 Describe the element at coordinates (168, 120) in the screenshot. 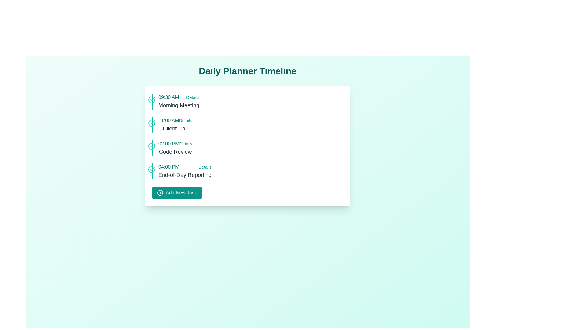

I see `the 'Details' link adjacent to the Text Label displaying '11:00 AM' in teal color within the timeline panel` at that location.